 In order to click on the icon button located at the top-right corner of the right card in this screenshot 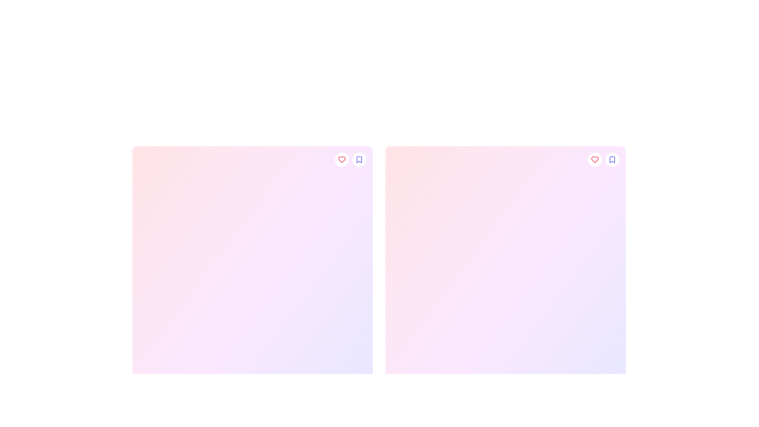, I will do `click(612, 160)`.